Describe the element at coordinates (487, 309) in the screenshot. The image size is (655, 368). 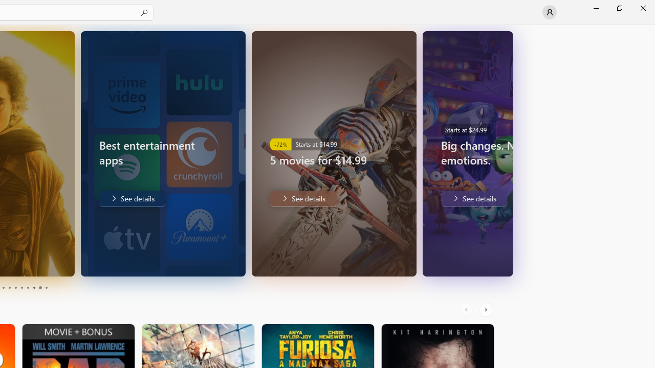
I see `'AutomationID: RightScrollButton'` at that location.